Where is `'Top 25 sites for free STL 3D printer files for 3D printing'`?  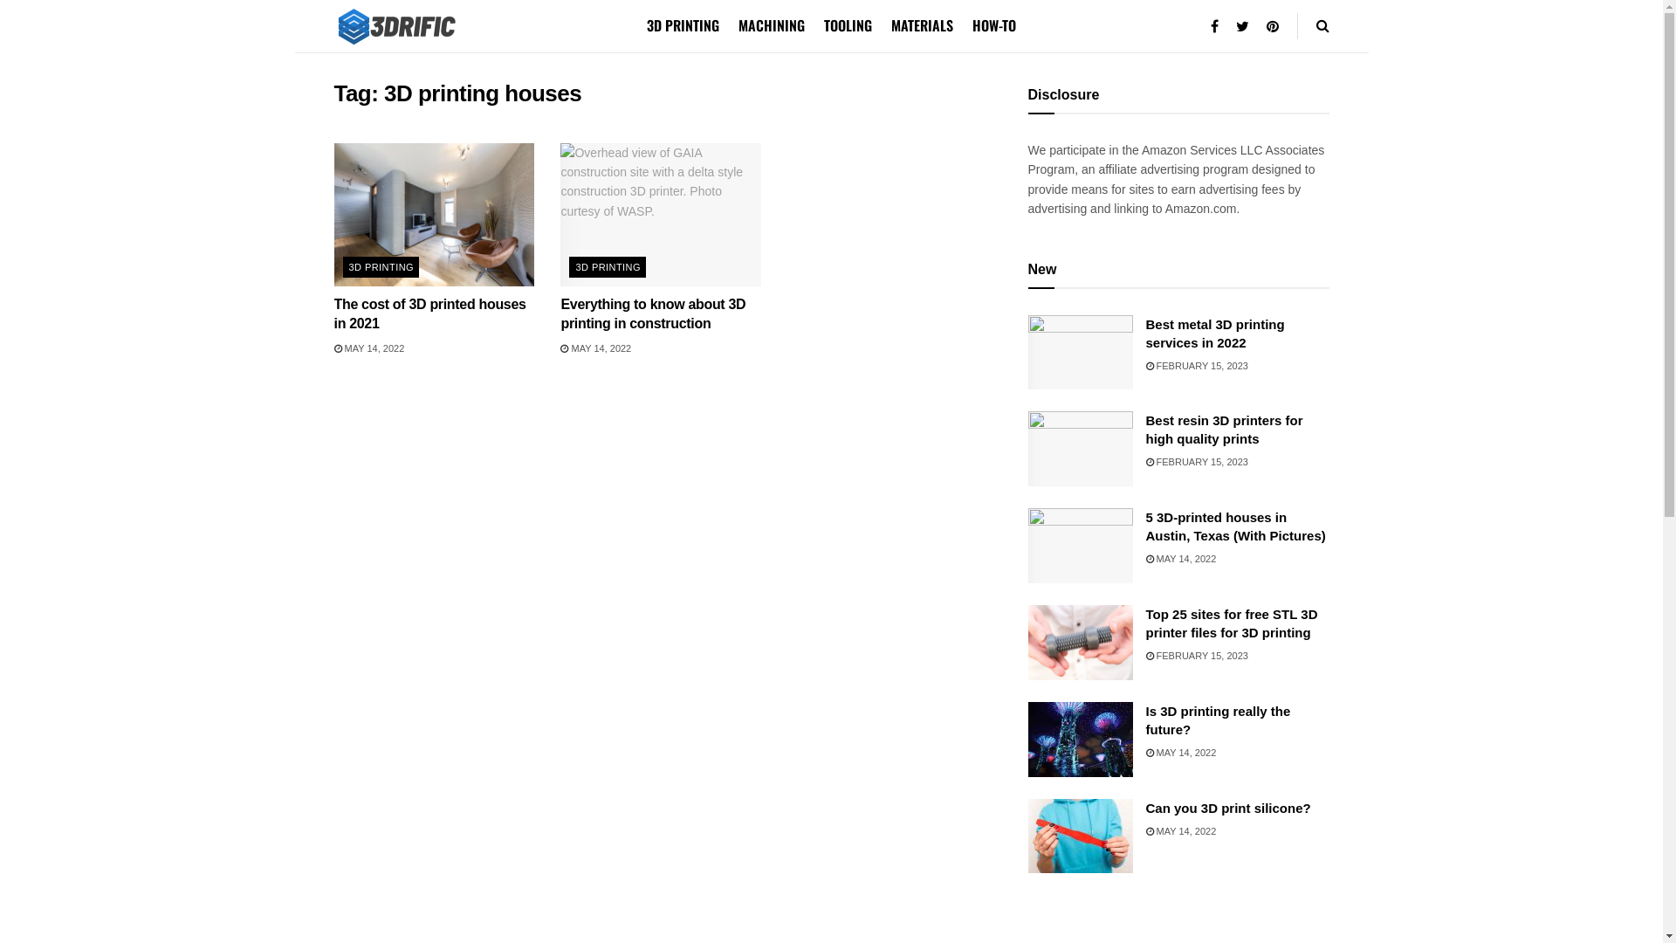 'Top 25 sites for free STL 3D printer files for 3D printing' is located at coordinates (1230, 622).